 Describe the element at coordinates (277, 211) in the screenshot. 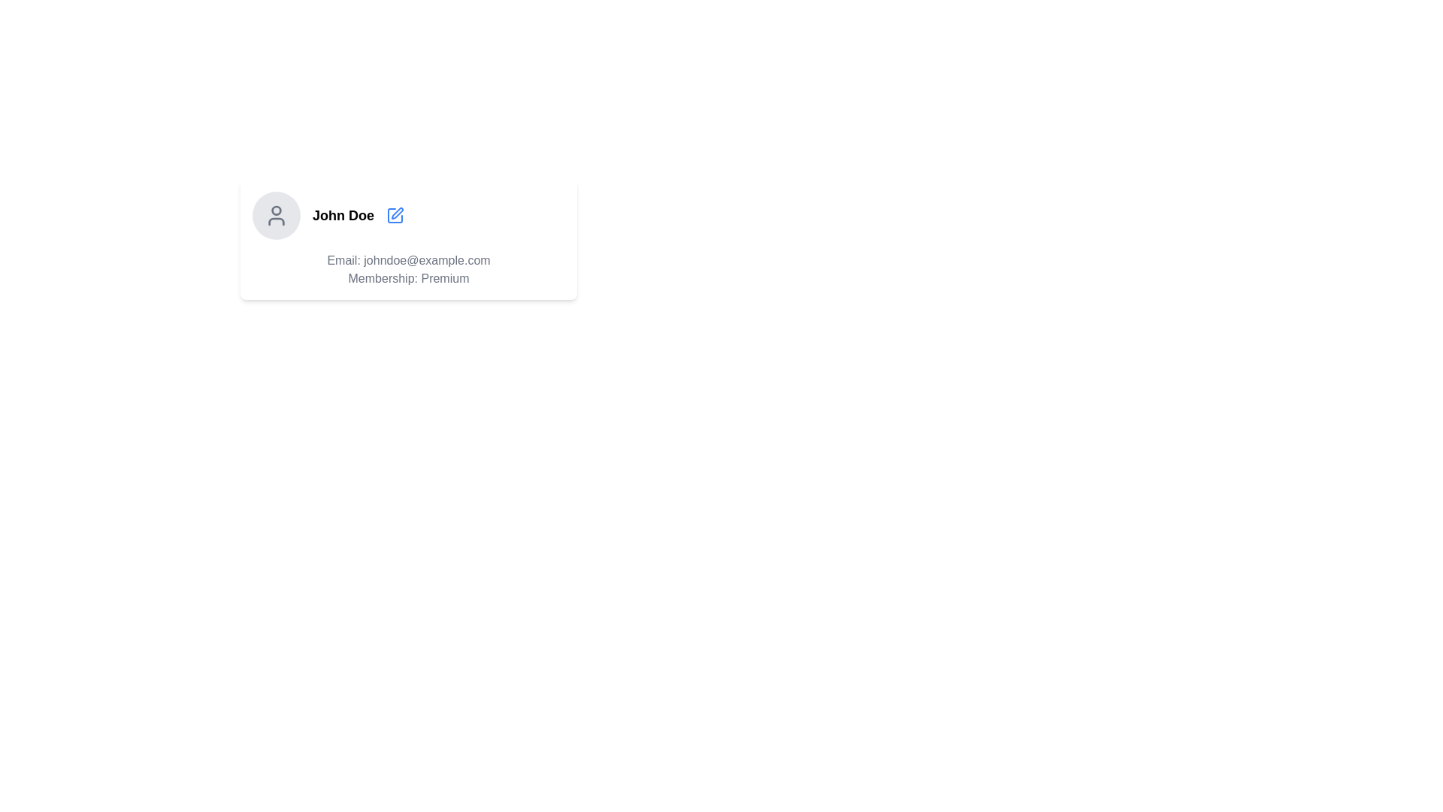

I see `the circular head element of the user icon located at the top-center of the profile card` at that location.